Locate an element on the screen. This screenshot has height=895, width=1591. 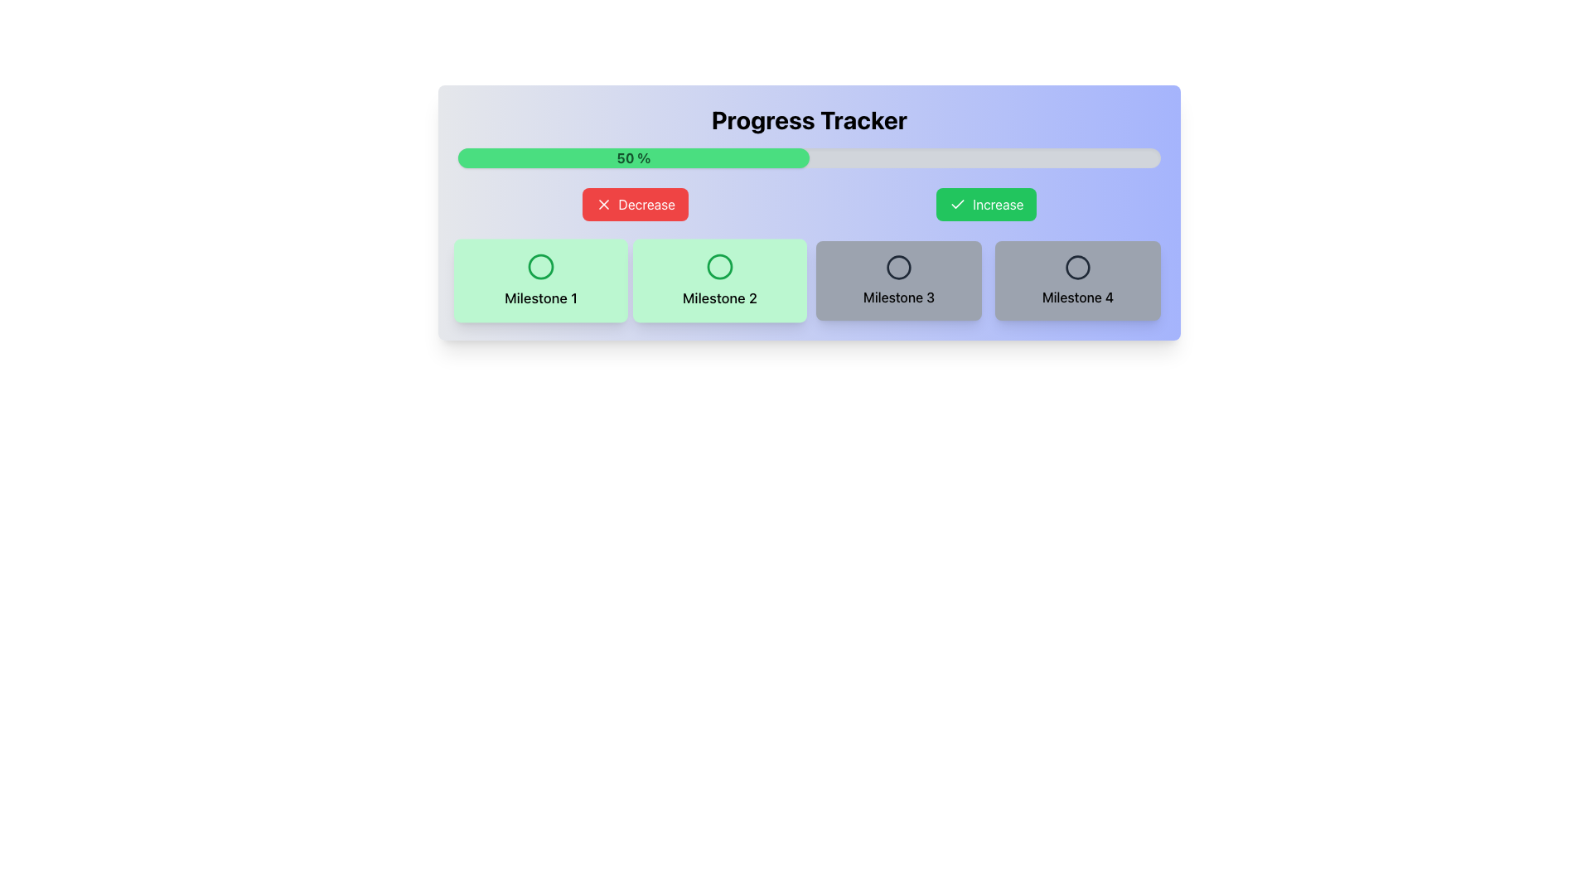
the milestone indicator card, which is the fourth item in a grid layout and located on the far-right side is located at coordinates (1077, 280).